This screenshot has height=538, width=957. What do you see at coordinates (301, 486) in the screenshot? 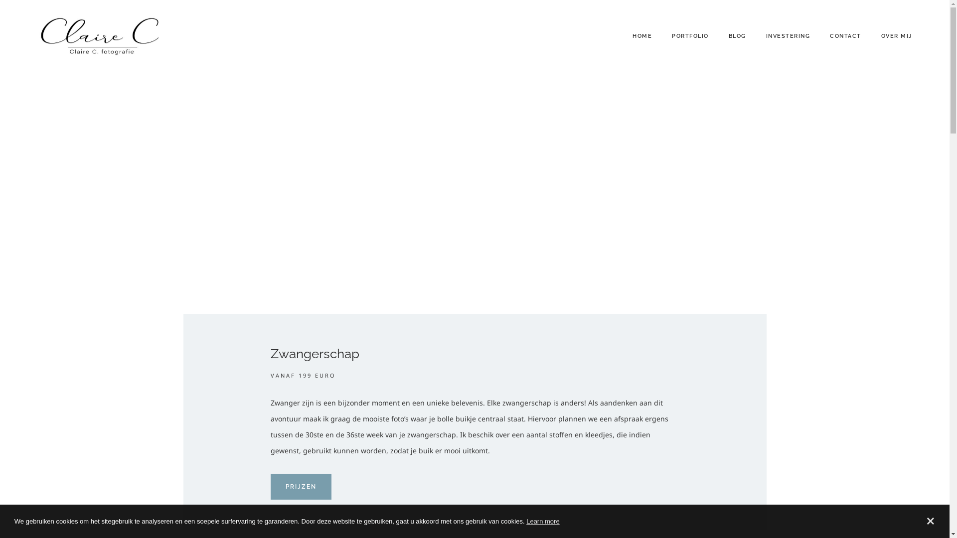
I see `'PRIJZEN'` at bounding box center [301, 486].